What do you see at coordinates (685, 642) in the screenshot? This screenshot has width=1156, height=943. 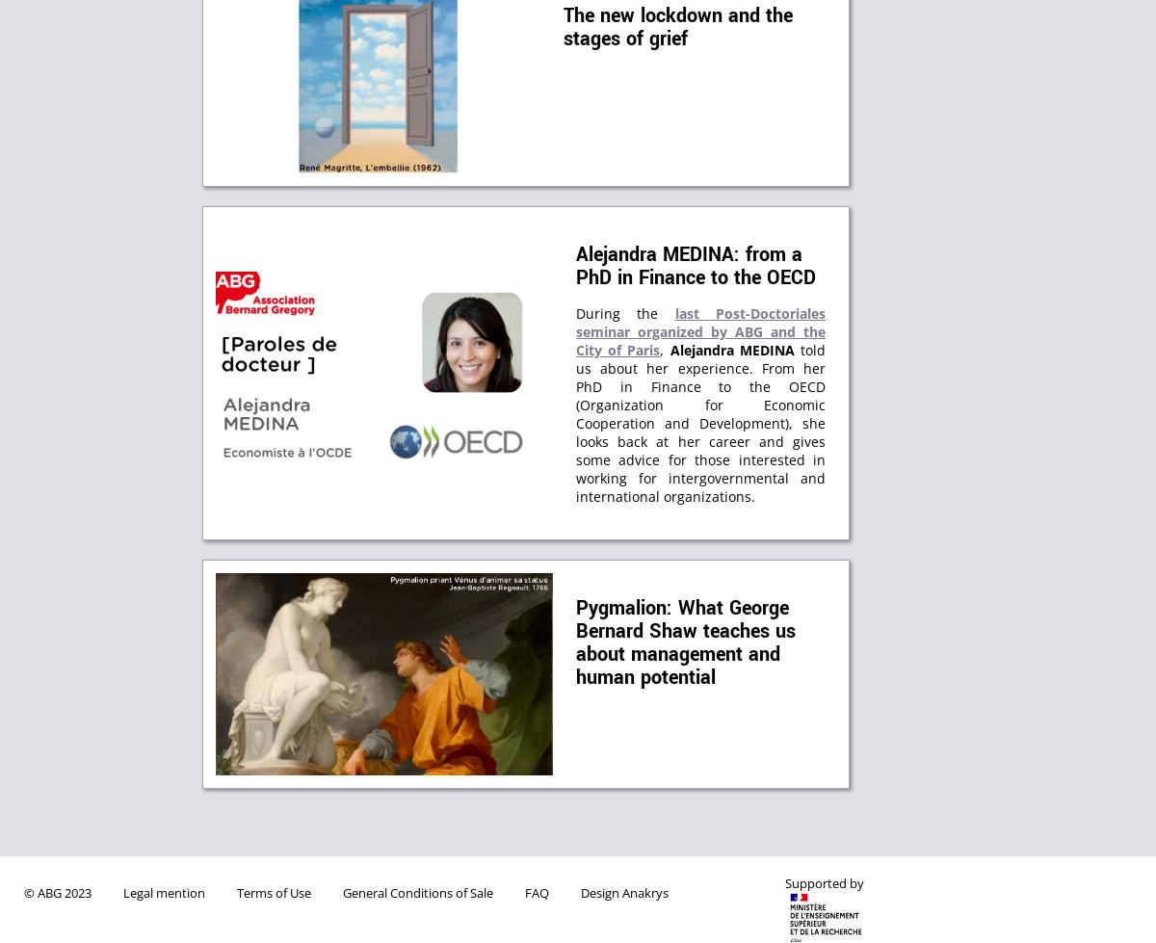 I see `'Pygmalion: What George Bernard Shaw teaches us about management and human potential'` at bounding box center [685, 642].